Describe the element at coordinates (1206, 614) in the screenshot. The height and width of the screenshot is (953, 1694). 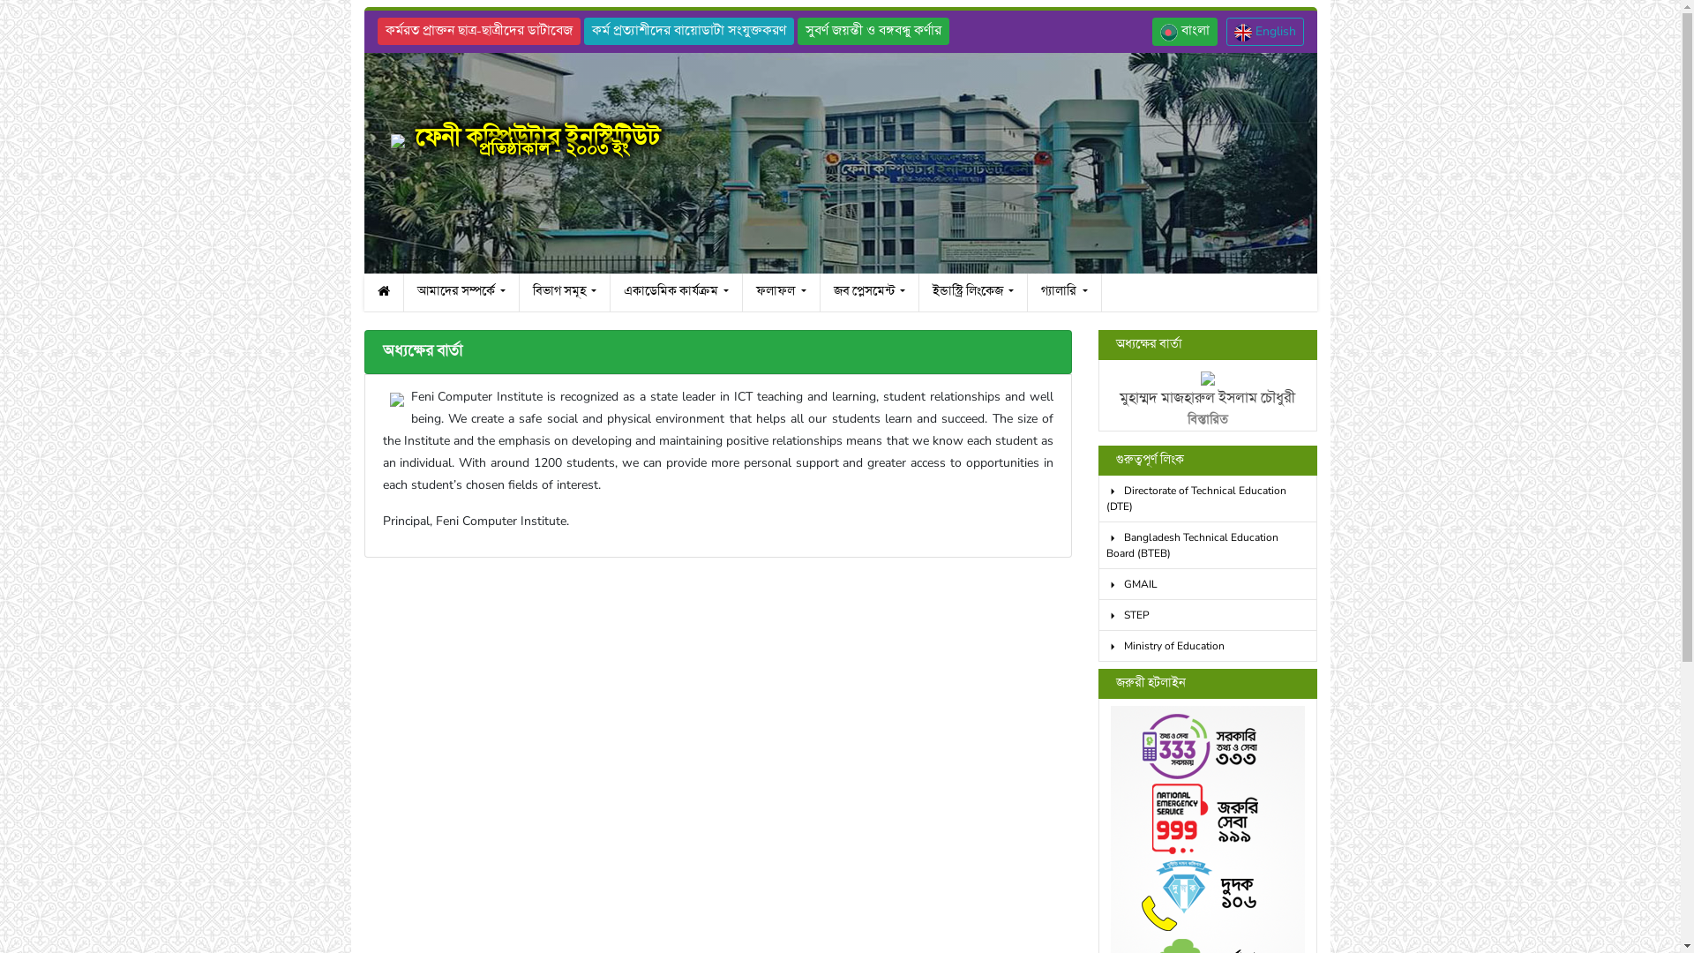
I see `'  STEP'` at that location.